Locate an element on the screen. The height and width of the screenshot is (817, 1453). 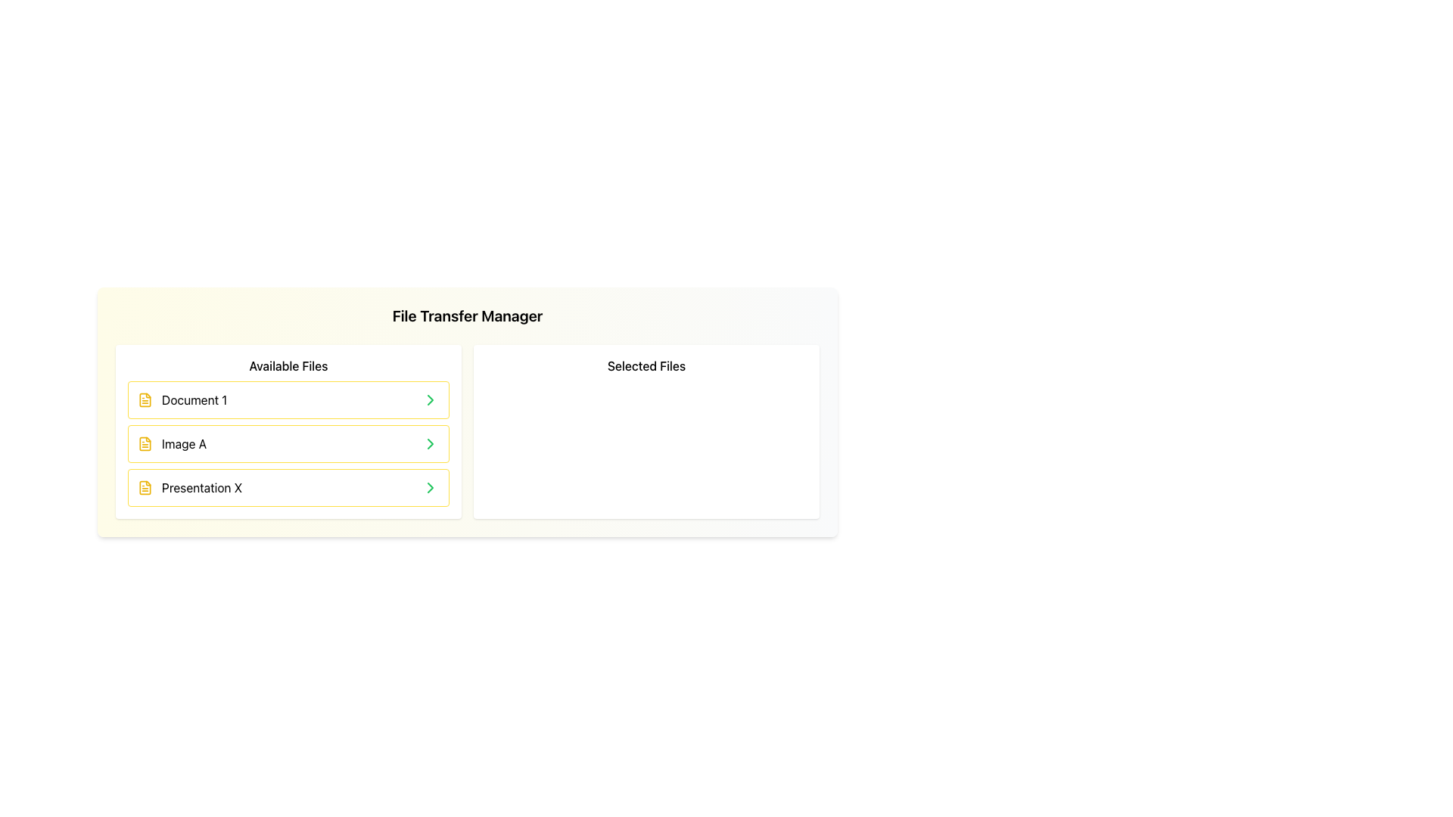
the document file icon representing 'Document 1', which is the first icon in the list of 'Available Files', positioned to the left of the text label is located at coordinates (145, 399).